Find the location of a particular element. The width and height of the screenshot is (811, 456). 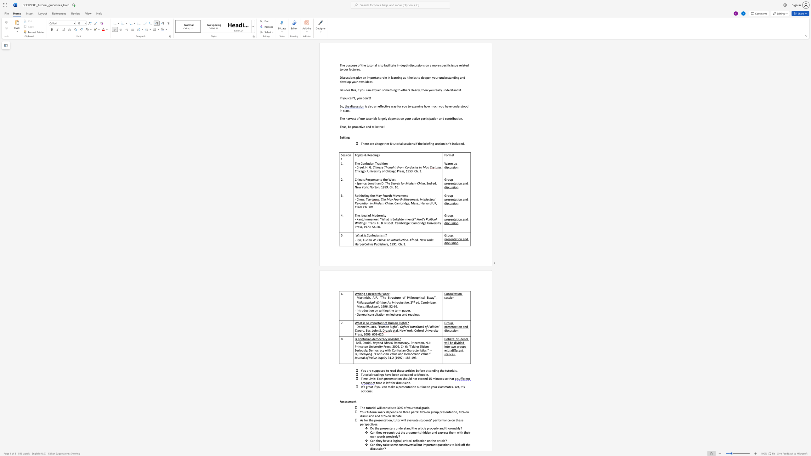

the subset text "king E" within the text ". Princeton, N.J: Princeton University Press, 2006. Ch 6: “Taking Elitism" is located at coordinates (413, 346).